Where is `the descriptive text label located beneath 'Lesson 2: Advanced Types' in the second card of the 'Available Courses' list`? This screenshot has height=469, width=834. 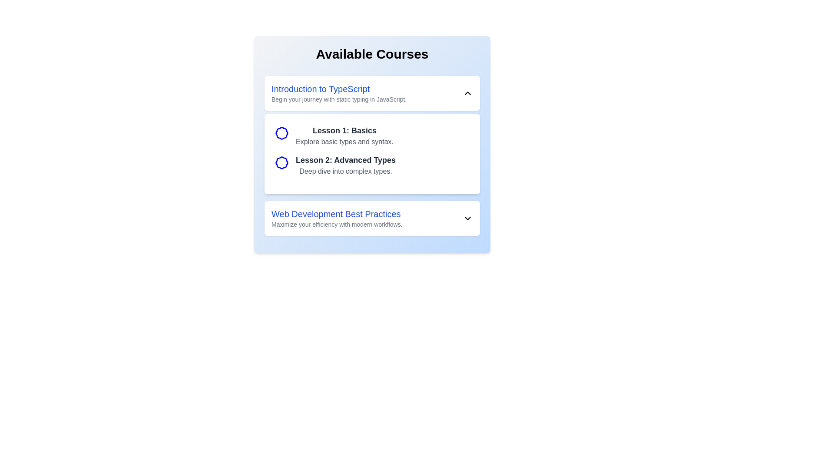 the descriptive text label located beneath 'Lesson 2: Advanced Types' in the second card of the 'Available Courses' list is located at coordinates (345, 171).